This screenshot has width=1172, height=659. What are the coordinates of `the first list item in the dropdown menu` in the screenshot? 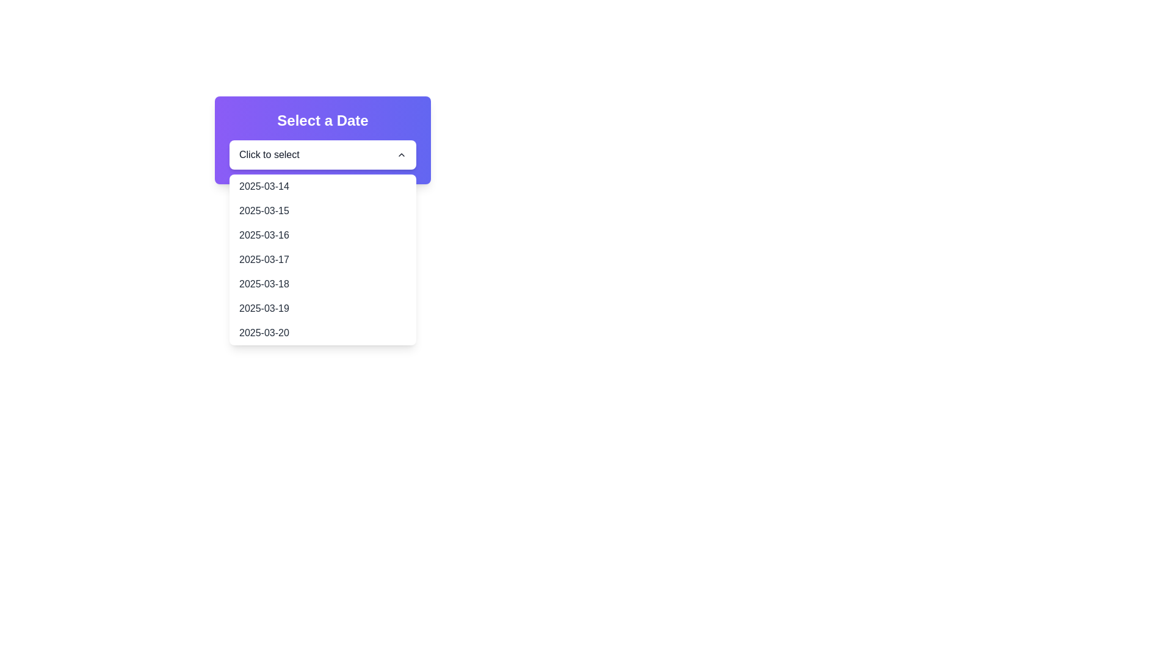 It's located at (322, 186).